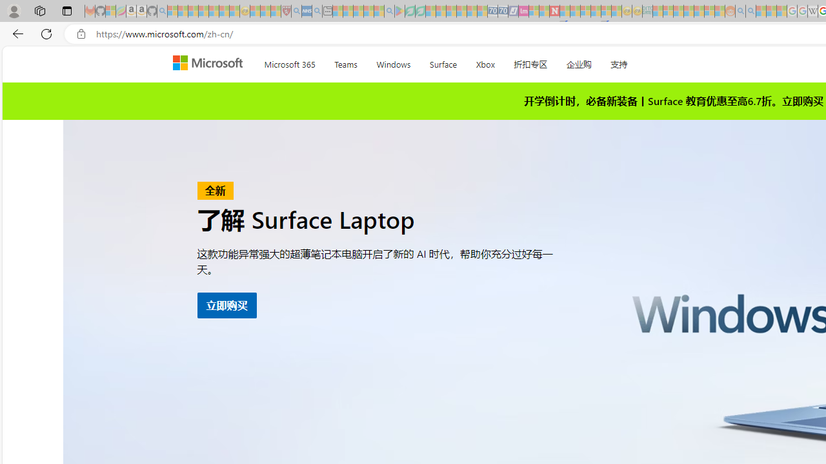  Describe the element at coordinates (502, 11) in the screenshot. I see `'Cheap Hotels - Save70.com - Sleeping'` at that location.